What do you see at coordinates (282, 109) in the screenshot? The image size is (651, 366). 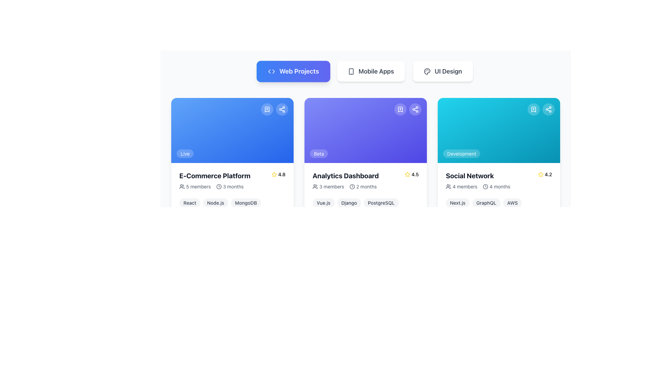 I see `the circular share button with a white share icon in the top-right corner of the first card within the 'Web Projects' section` at bounding box center [282, 109].